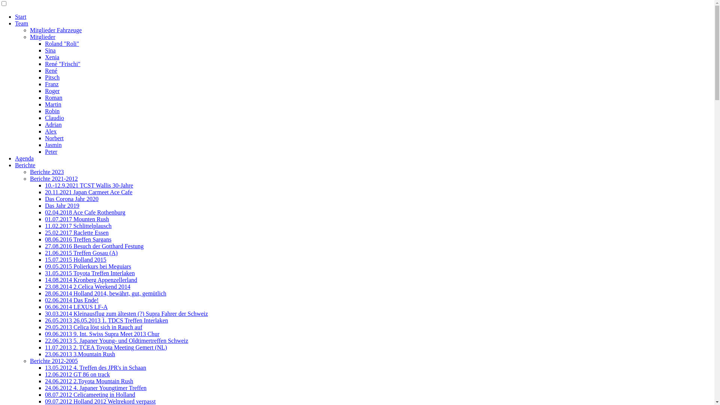 Image resolution: width=720 pixels, height=405 pixels. Describe the element at coordinates (72, 300) in the screenshot. I see `'02.06.2014 Das Ende!'` at that location.